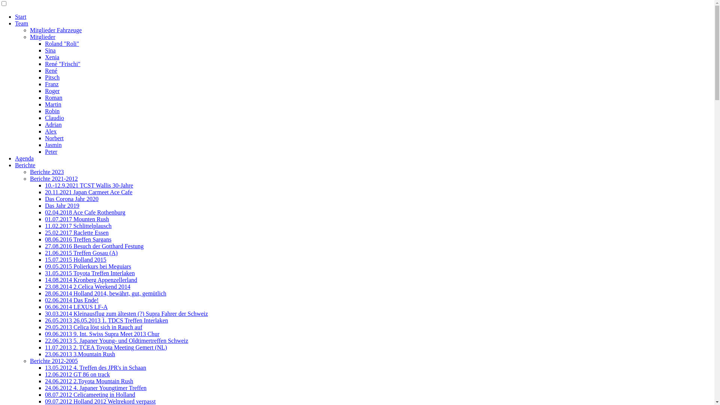 Image resolution: width=720 pixels, height=405 pixels. Describe the element at coordinates (72, 300) in the screenshot. I see `'02.06.2014 Das Ende!'` at that location.